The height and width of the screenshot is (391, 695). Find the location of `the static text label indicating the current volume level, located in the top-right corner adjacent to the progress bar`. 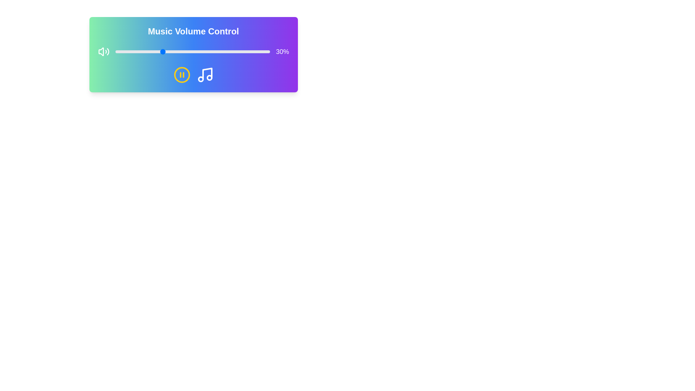

the static text label indicating the current volume level, located in the top-right corner adjacent to the progress bar is located at coordinates (282, 51).